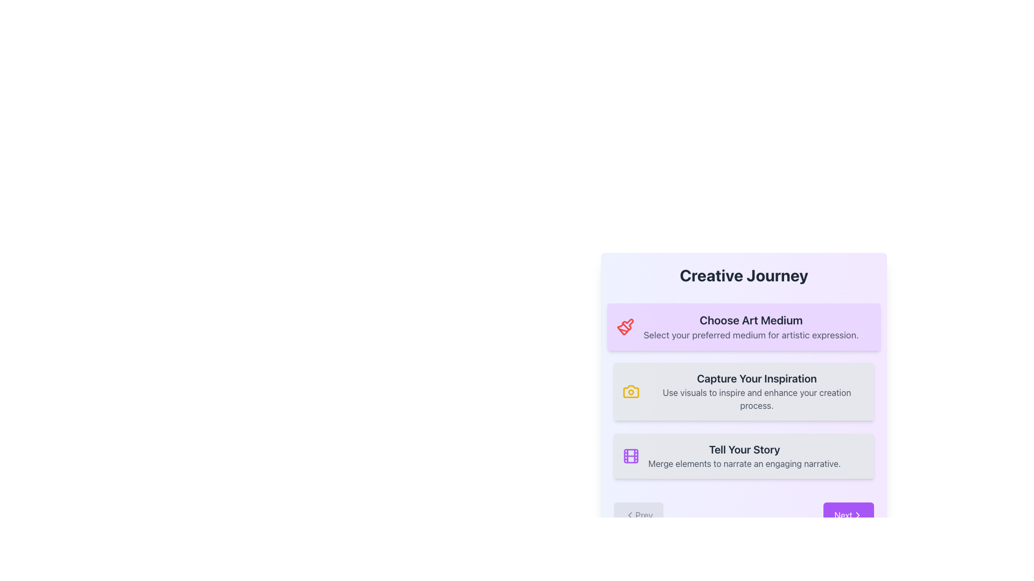 The image size is (1034, 581). I want to click on the text label that reads 'Select your preferred medium for artistic expression', which is styled with a gray font color and positioned below the heading 'Choose Art Medium', so click(750, 334).